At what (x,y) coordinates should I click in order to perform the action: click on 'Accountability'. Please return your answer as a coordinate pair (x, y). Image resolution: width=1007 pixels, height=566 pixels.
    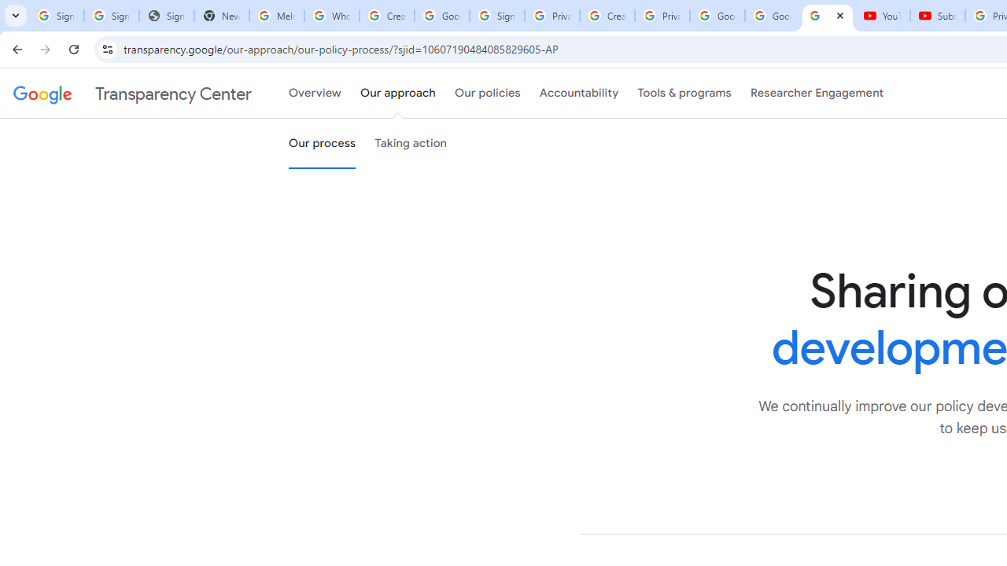
    Looking at the image, I should click on (578, 94).